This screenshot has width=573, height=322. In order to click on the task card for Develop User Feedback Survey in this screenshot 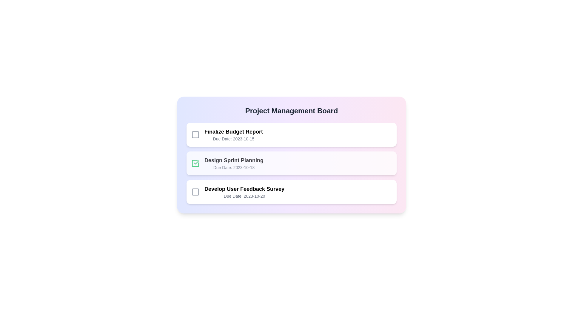, I will do `click(292, 192)`.